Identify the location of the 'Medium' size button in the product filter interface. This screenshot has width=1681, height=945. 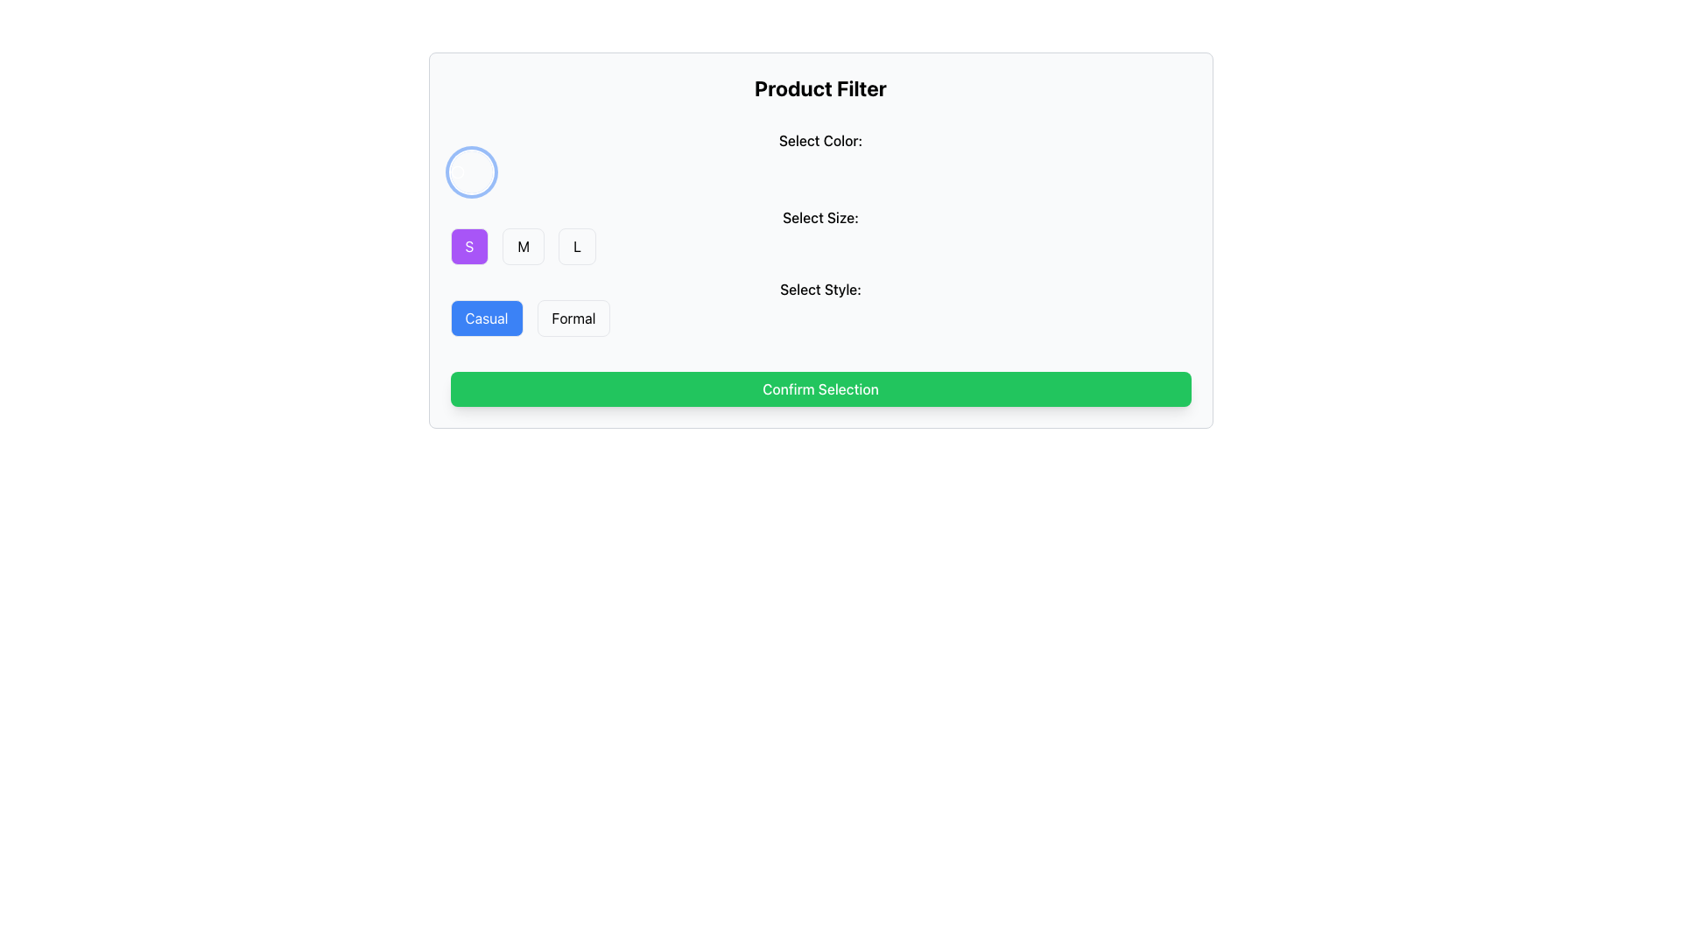
(523, 246).